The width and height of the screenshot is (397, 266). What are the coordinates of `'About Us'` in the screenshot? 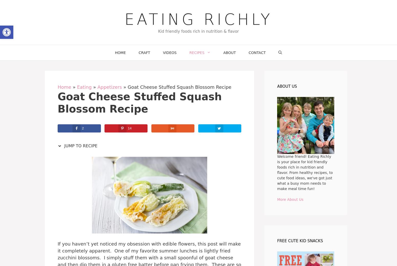 It's located at (287, 86).